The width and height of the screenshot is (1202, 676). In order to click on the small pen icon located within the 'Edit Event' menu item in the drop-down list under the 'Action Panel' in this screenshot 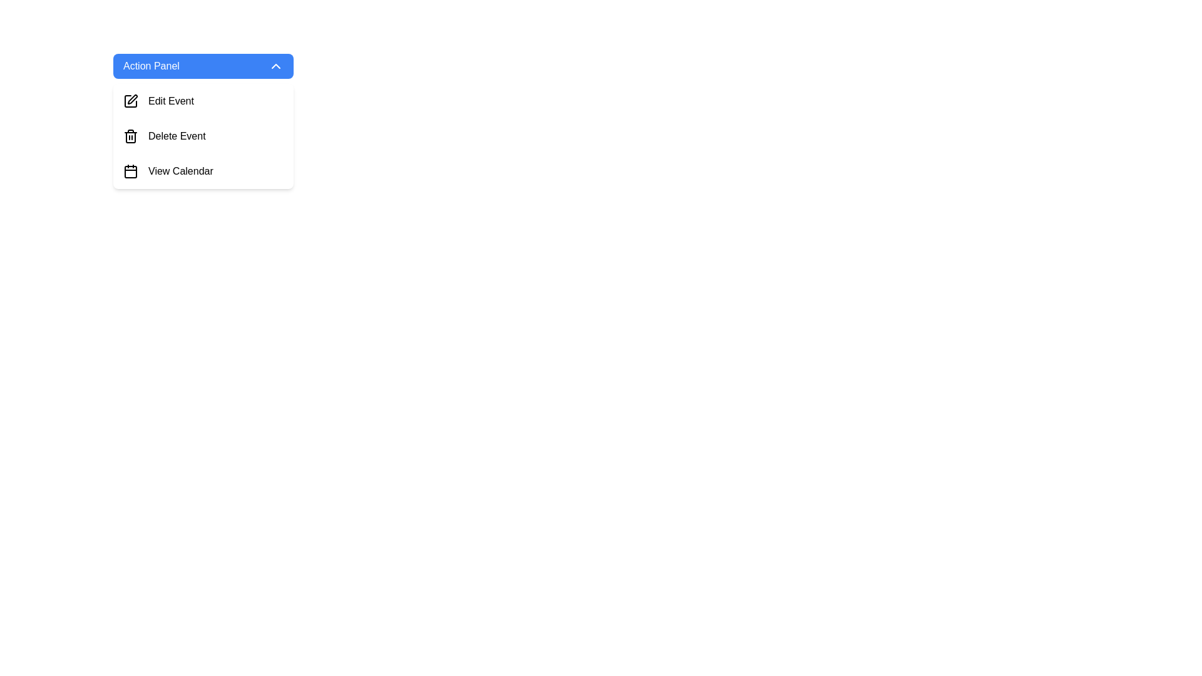, I will do `click(131, 101)`.